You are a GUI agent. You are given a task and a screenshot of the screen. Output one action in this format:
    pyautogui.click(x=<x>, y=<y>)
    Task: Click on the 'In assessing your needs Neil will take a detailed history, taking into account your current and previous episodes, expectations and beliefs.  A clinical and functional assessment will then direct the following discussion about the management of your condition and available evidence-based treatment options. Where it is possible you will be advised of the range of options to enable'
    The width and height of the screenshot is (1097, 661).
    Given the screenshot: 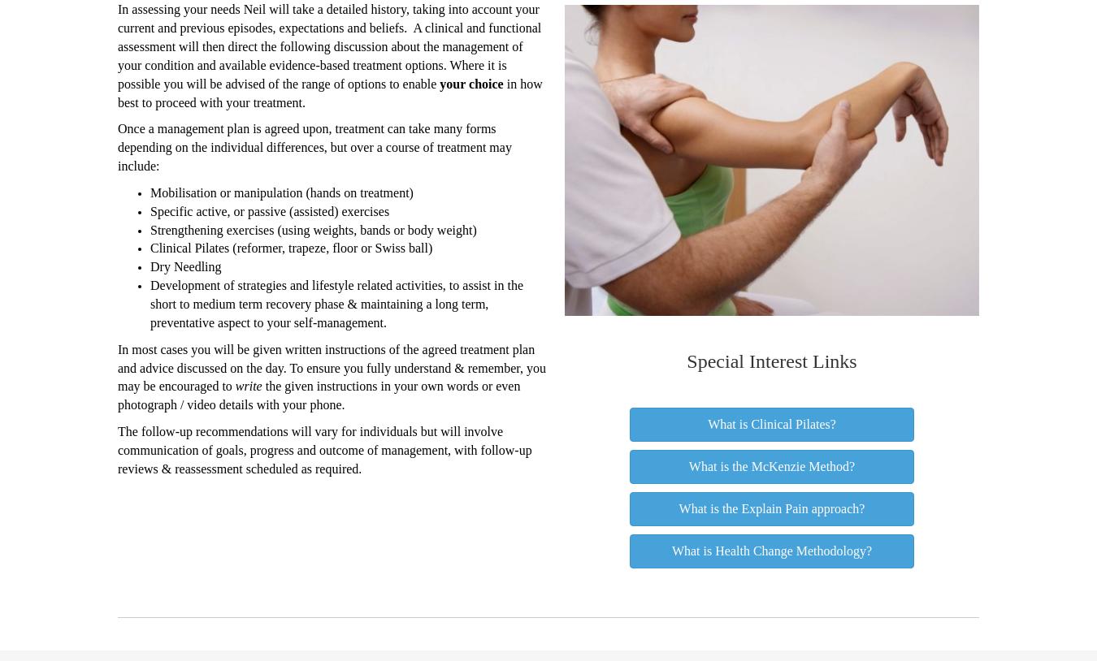 What is the action you would take?
    pyautogui.click(x=329, y=45)
    